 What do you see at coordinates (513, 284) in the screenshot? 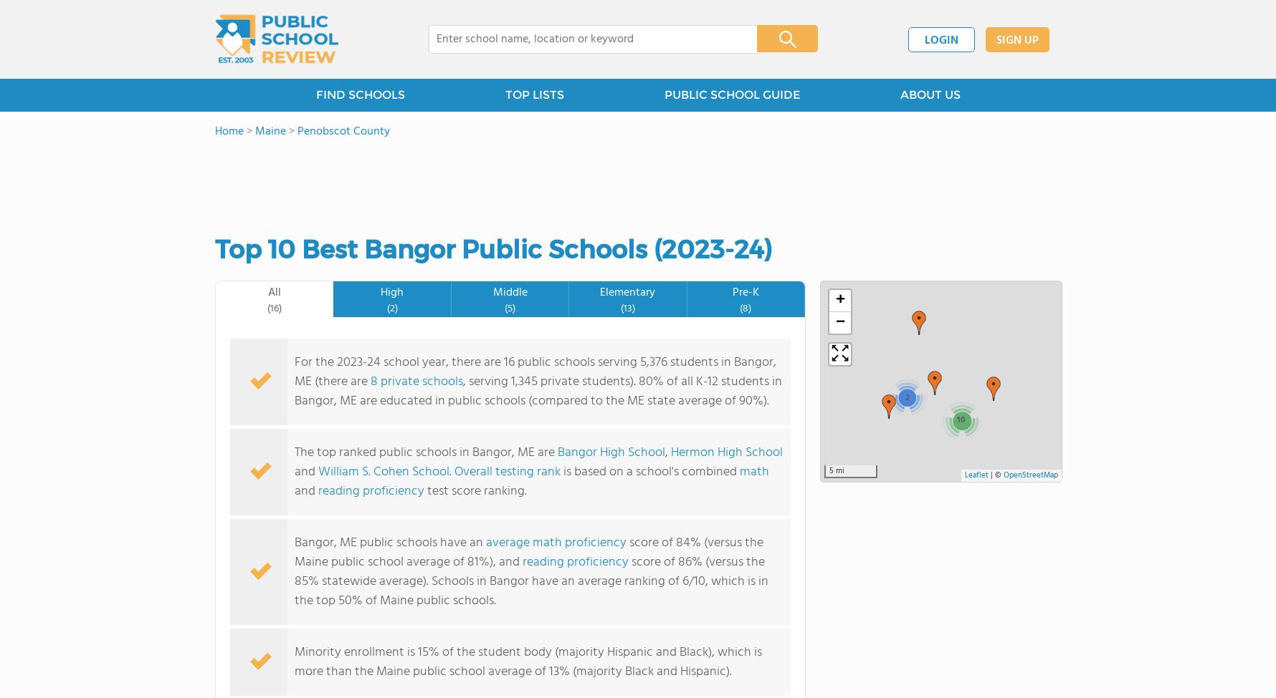
I see `'(207) 942-5296'` at bounding box center [513, 284].